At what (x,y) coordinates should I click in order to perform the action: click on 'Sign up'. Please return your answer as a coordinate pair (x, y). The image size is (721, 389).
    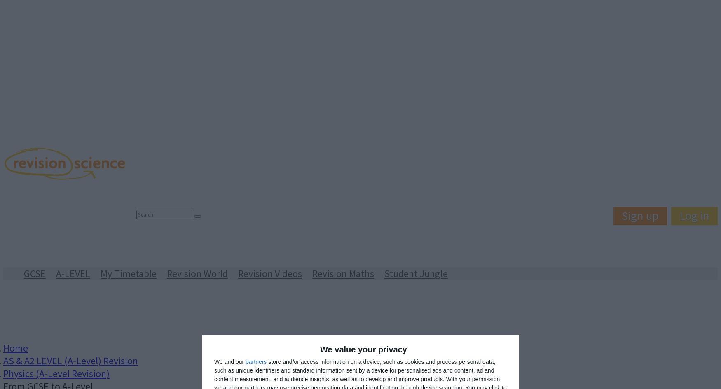
    Looking at the image, I should click on (640, 215).